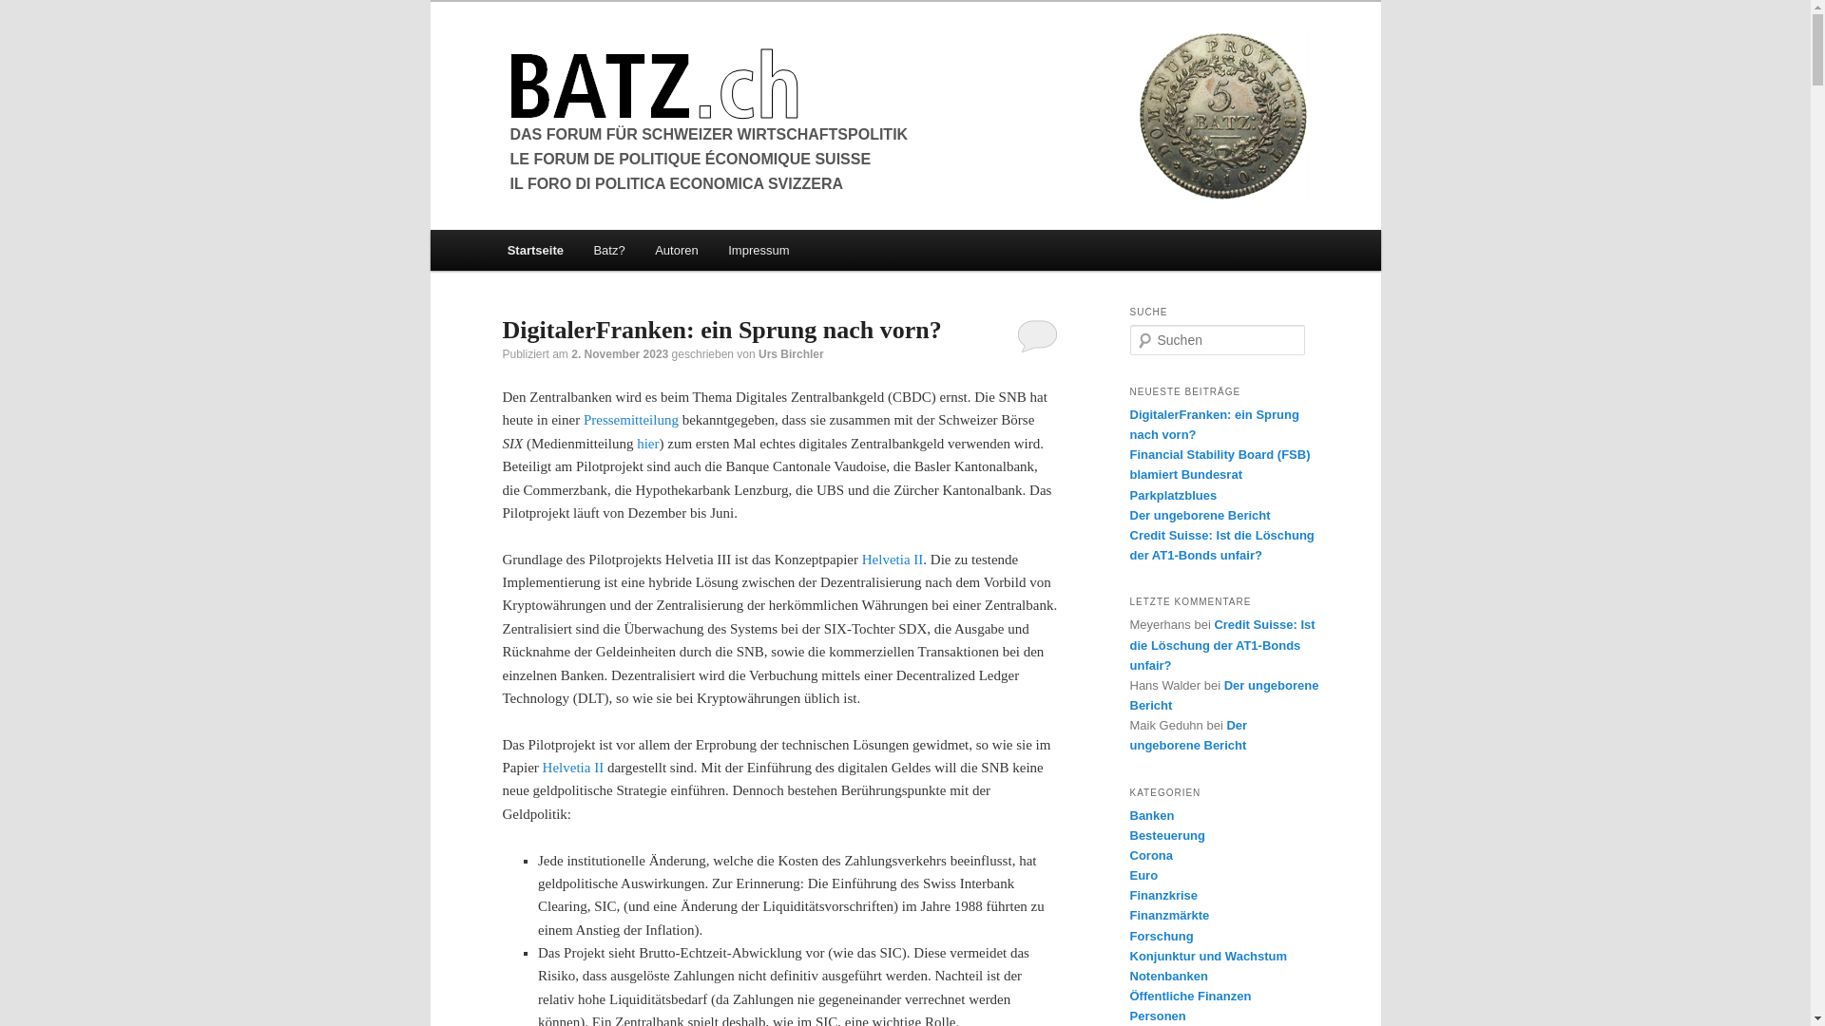 The height and width of the screenshot is (1026, 1825). What do you see at coordinates (757, 249) in the screenshot?
I see `'Impressum'` at bounding box center [757, 249].